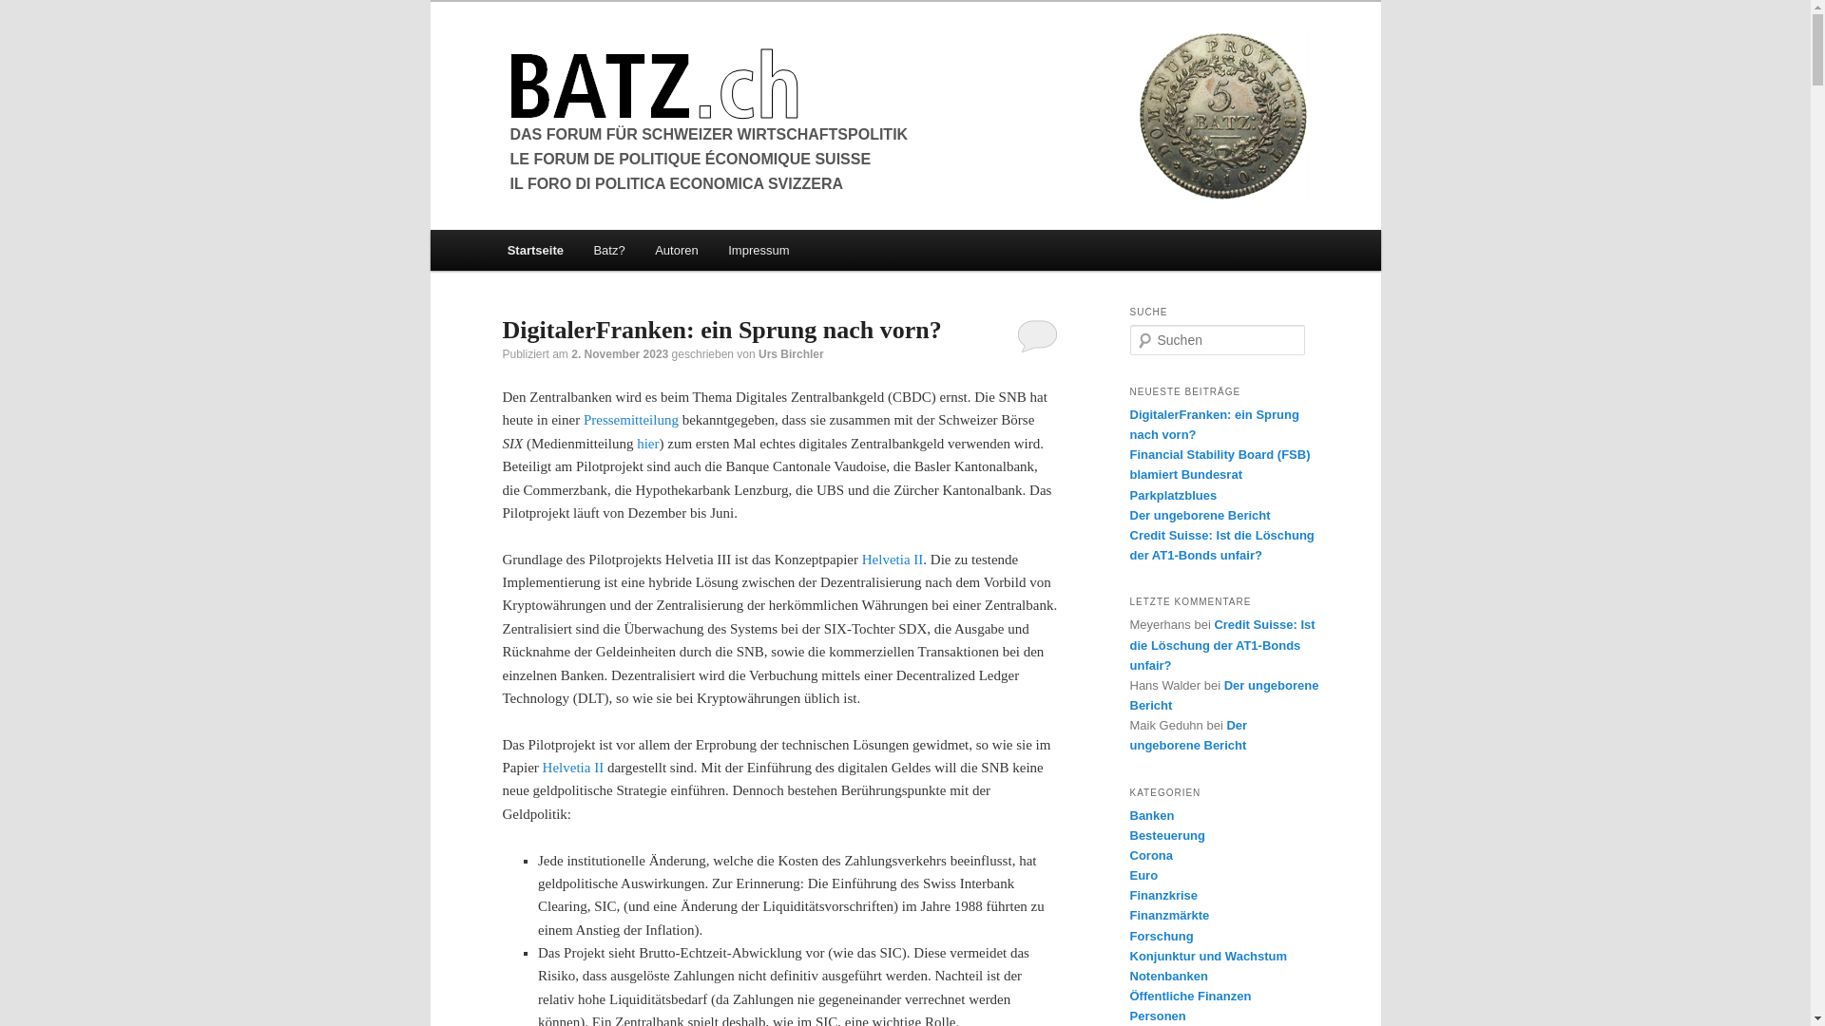 The height and width of the screenshot is (1026, 1825). What do you see at coordinates (757, 249) in the screenshot?
I see `'Impressum'` at bounding box center [757, 249].